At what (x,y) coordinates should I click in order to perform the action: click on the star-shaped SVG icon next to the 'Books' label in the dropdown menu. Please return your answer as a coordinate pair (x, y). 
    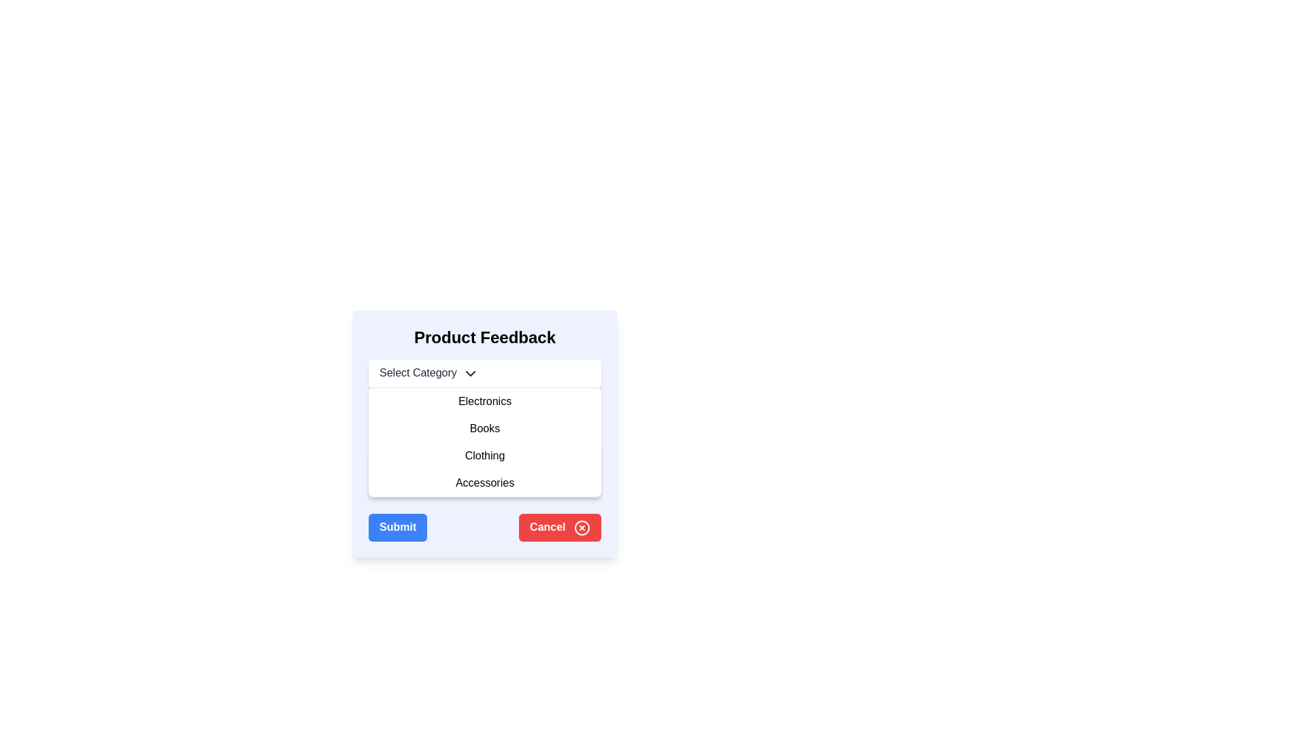
    Looking at the image, I should click on (469, 431).